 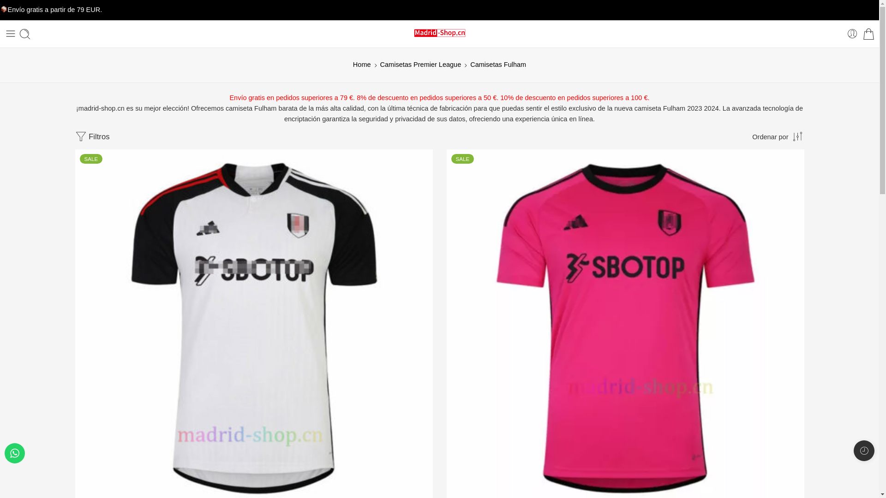 I want to click on 'Camisetas Premier League', so click(x=420, y=64).